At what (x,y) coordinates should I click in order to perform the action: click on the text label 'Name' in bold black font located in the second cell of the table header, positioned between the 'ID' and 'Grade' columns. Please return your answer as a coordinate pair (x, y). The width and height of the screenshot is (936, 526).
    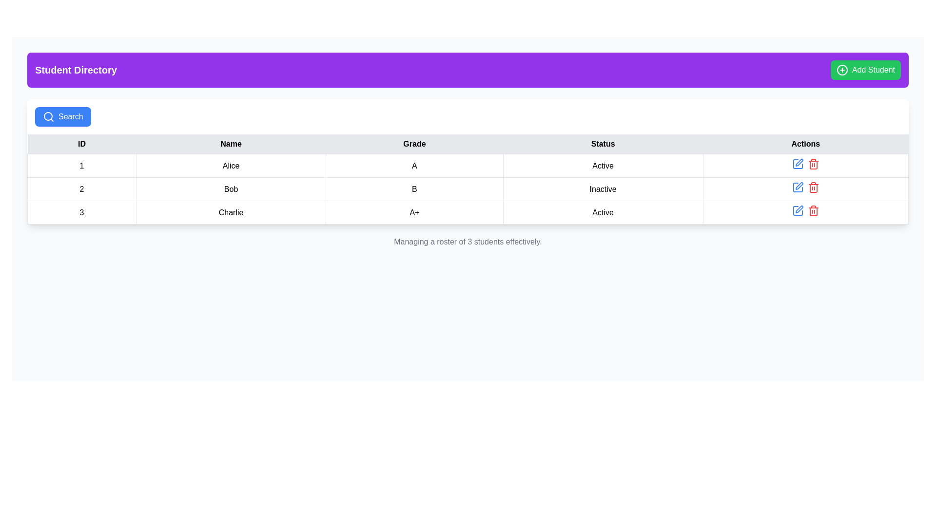
    Looking at the image, I should click on (231, 144).